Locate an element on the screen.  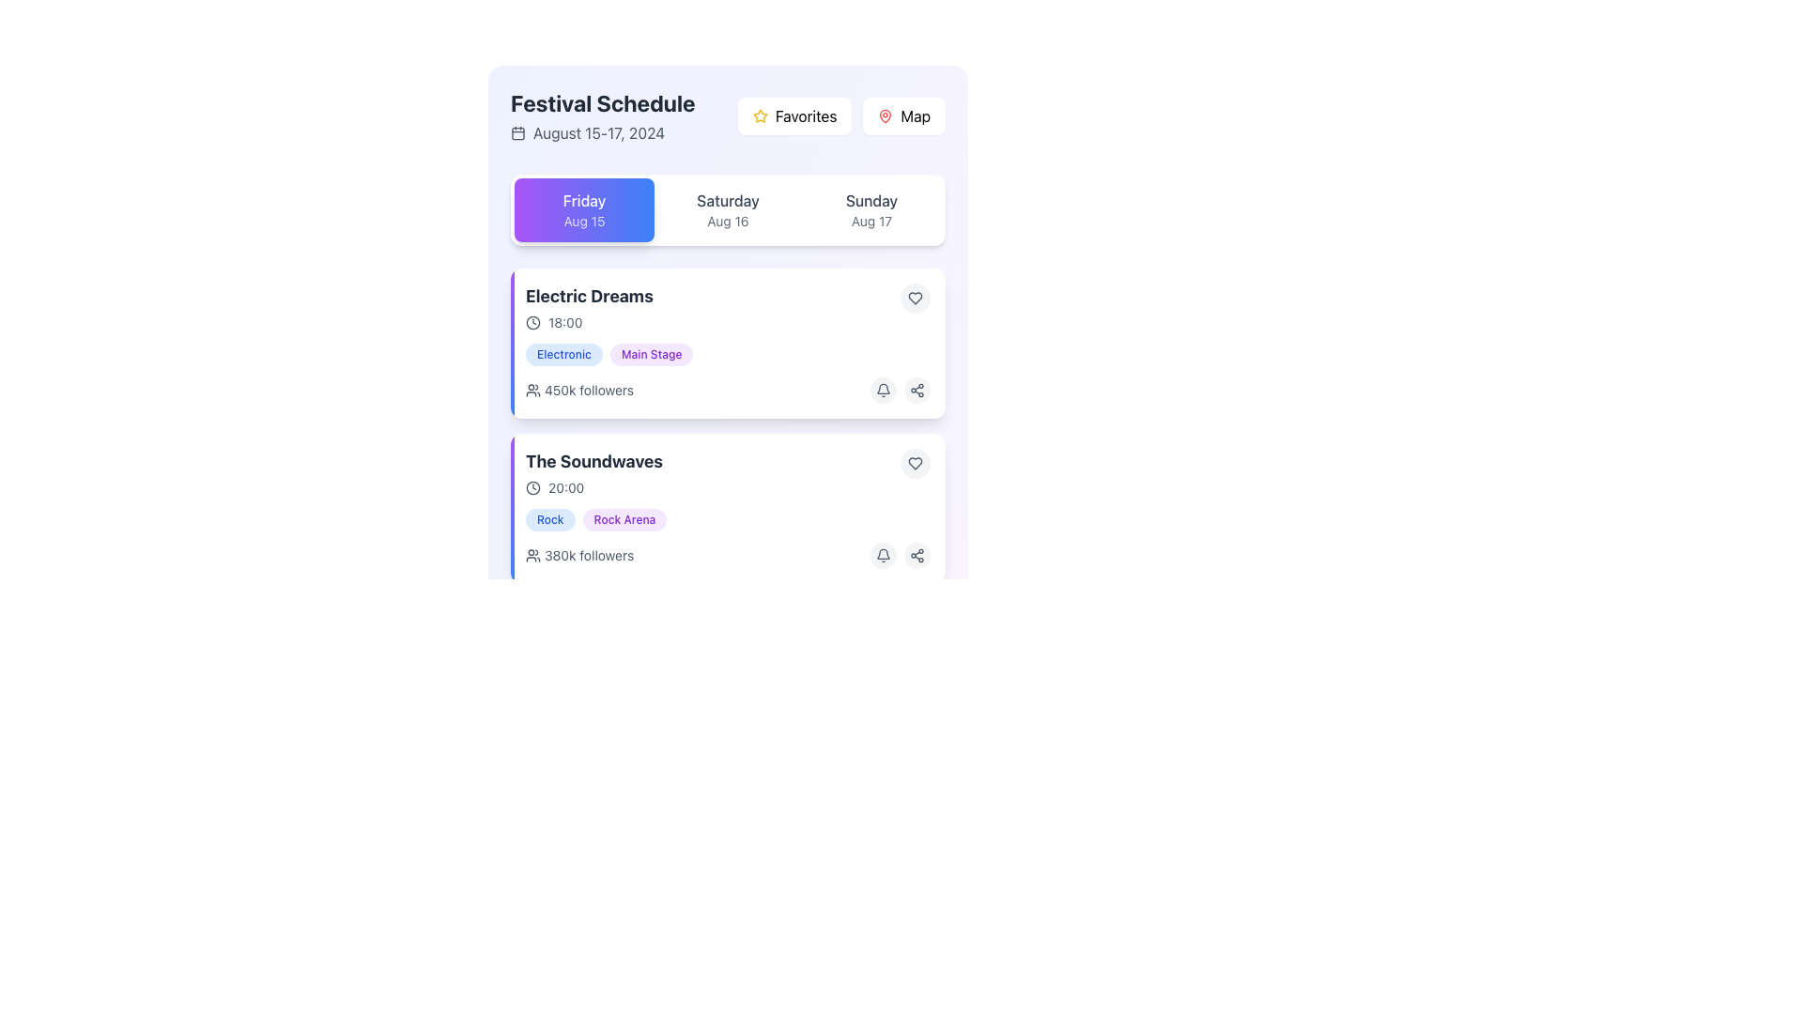
the text display representing the selected day 'Friday' in the date selection interface, which is visually part of the button labeled 'Friday' and 'Aug 15' is located at coordinates (583, 200).